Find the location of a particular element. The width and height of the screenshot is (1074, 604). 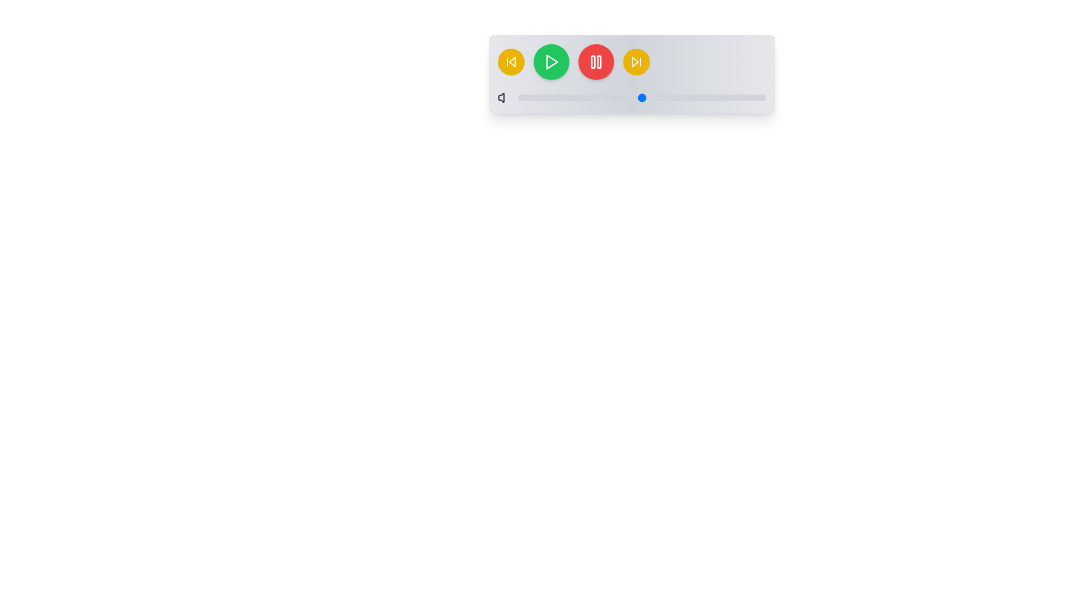

the slider is located at coordinates (753, 97).